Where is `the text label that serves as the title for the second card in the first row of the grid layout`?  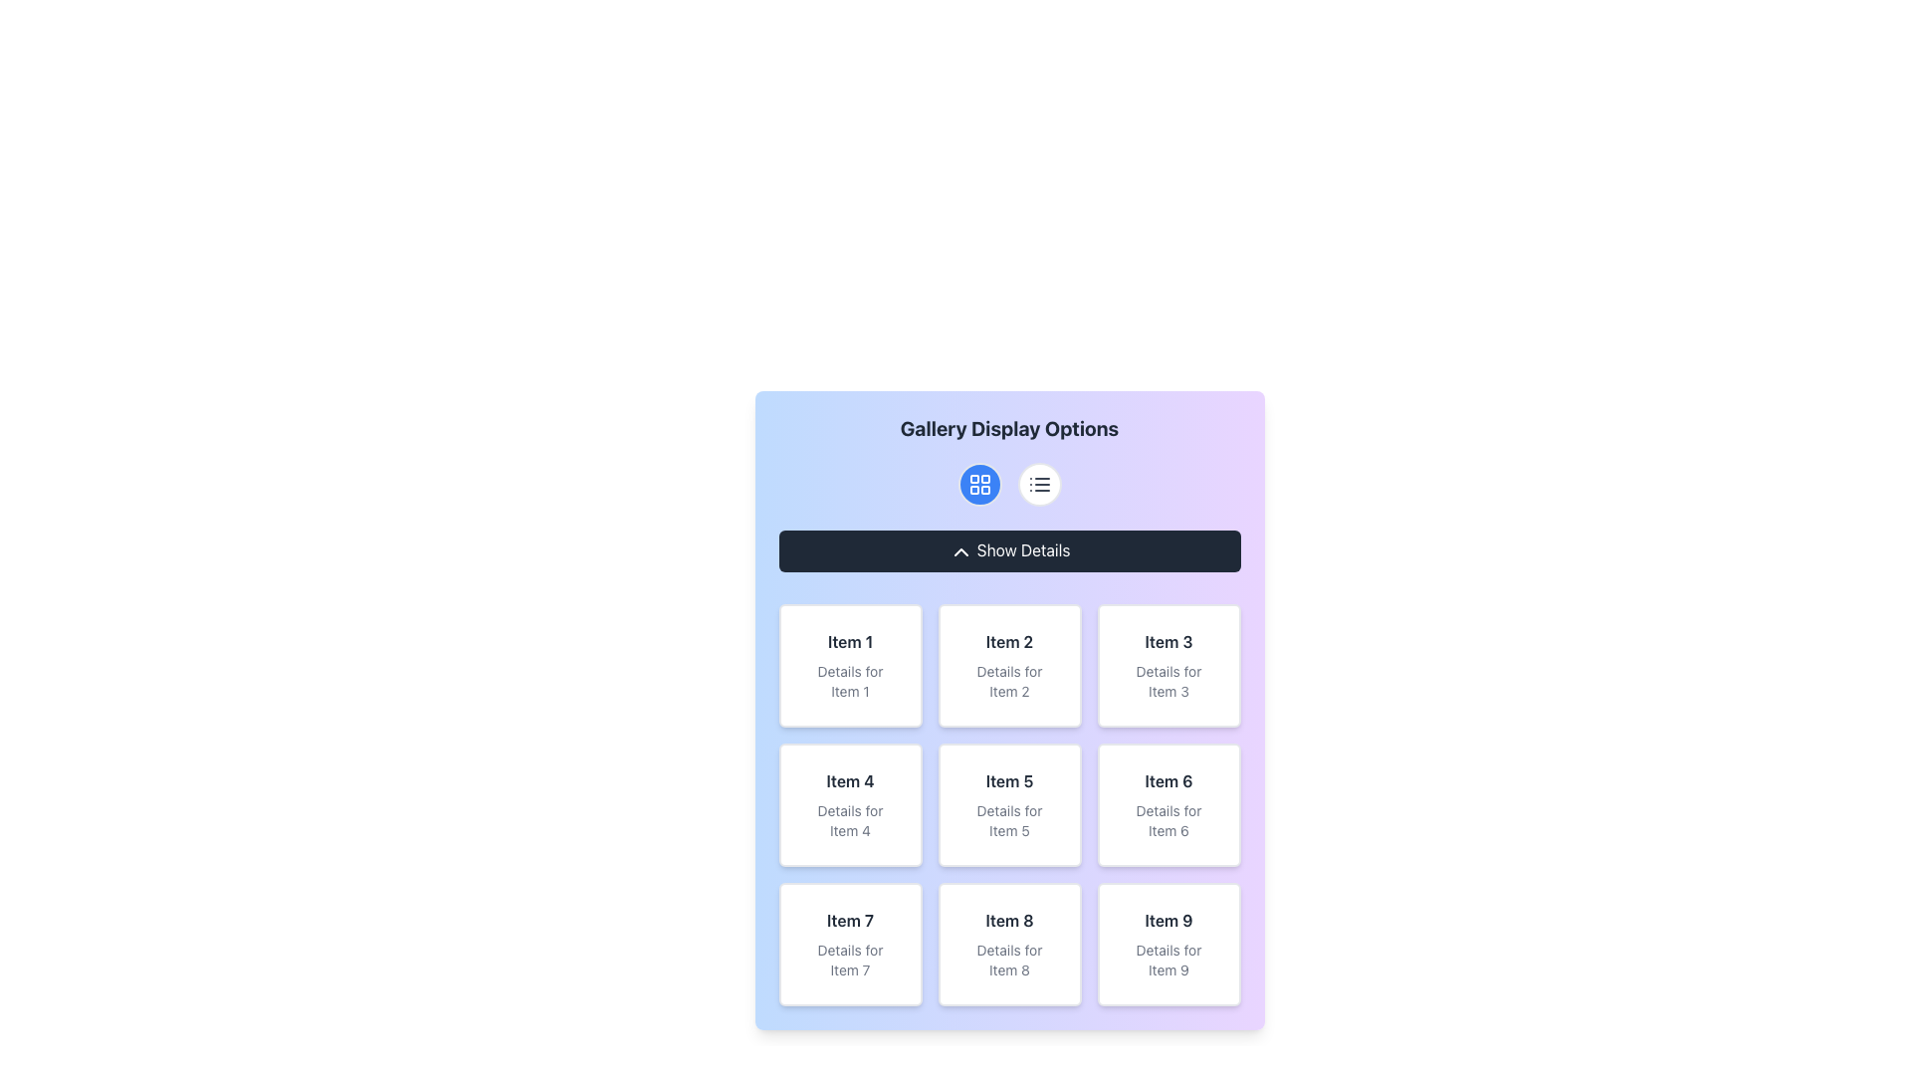 the text label that serves as the title for the second card in the first row of the grid layout is located at coordinates (1009, 641).